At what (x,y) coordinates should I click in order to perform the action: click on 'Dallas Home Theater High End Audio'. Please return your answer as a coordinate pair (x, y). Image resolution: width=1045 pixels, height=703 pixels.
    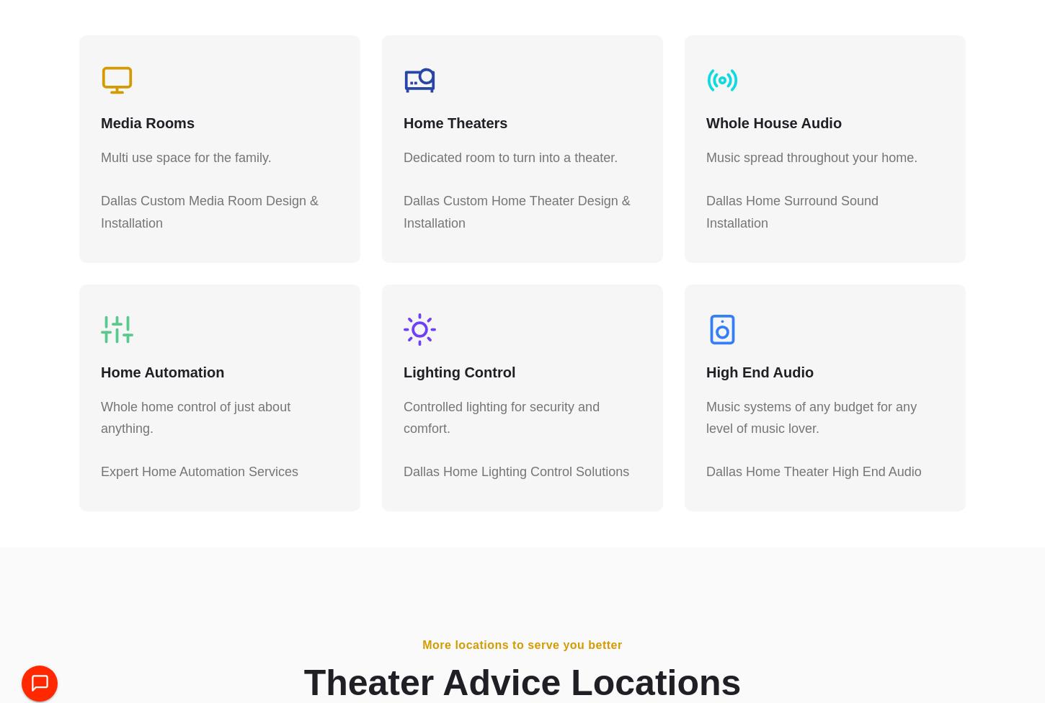
    Looking at the image, I should click on (706, 477).